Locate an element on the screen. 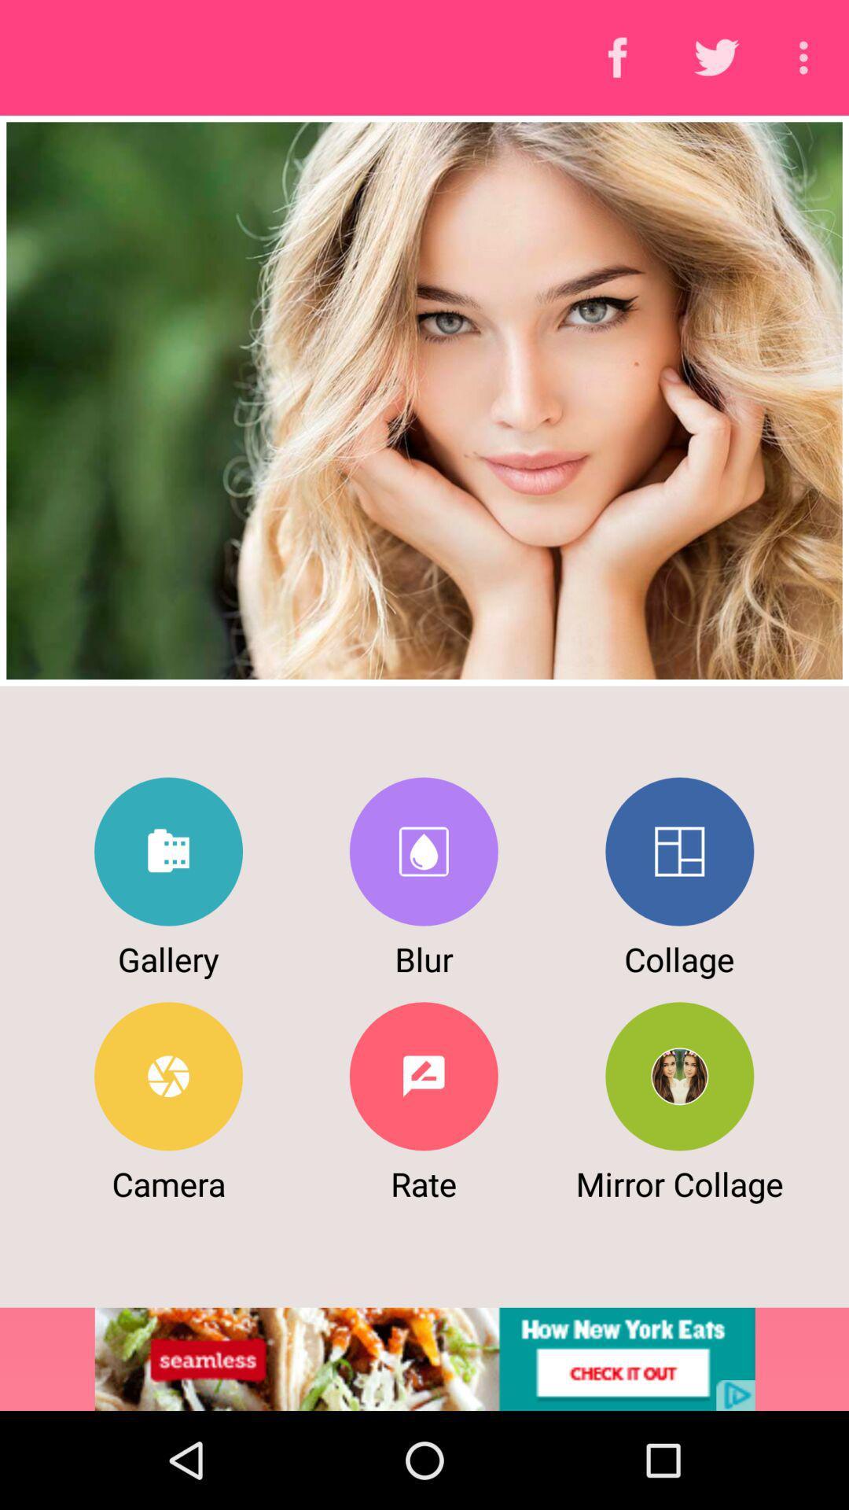 This screenshot has height=1510, width=849. announcement is located at coordinates (424, 1358).